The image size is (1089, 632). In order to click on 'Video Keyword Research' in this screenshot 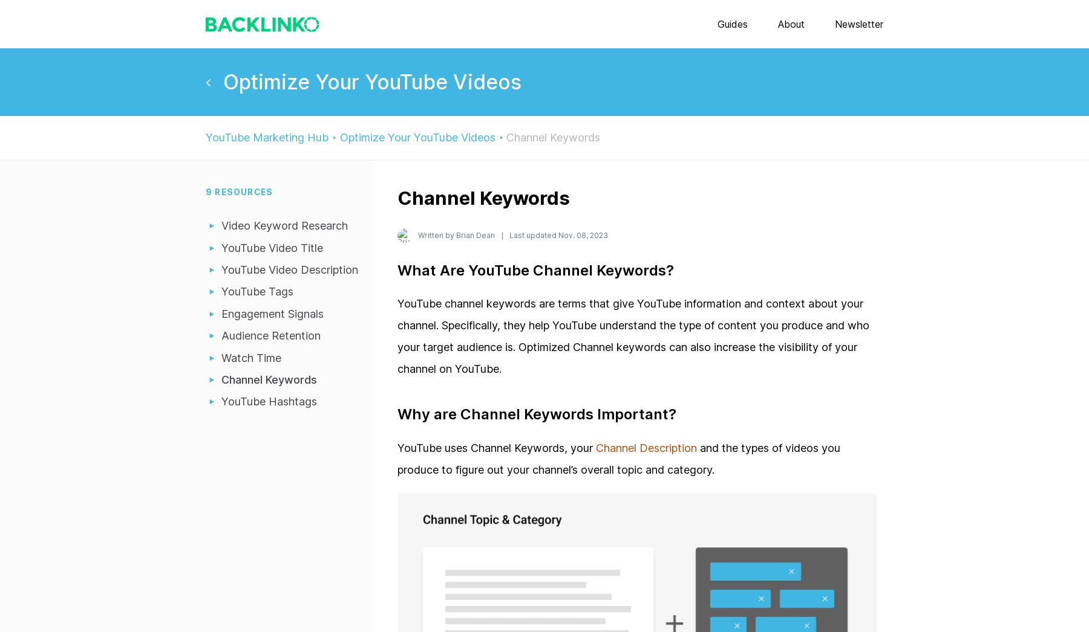, I will do `click(284, 225)`.